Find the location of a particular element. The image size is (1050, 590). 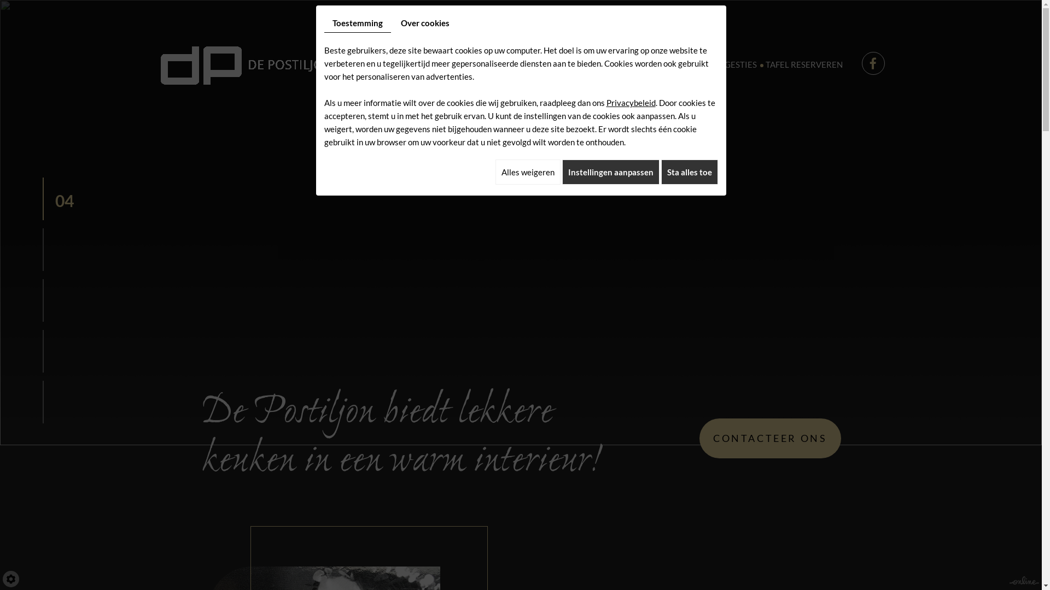

'Over cookies' is located at coordinates (393, 23).